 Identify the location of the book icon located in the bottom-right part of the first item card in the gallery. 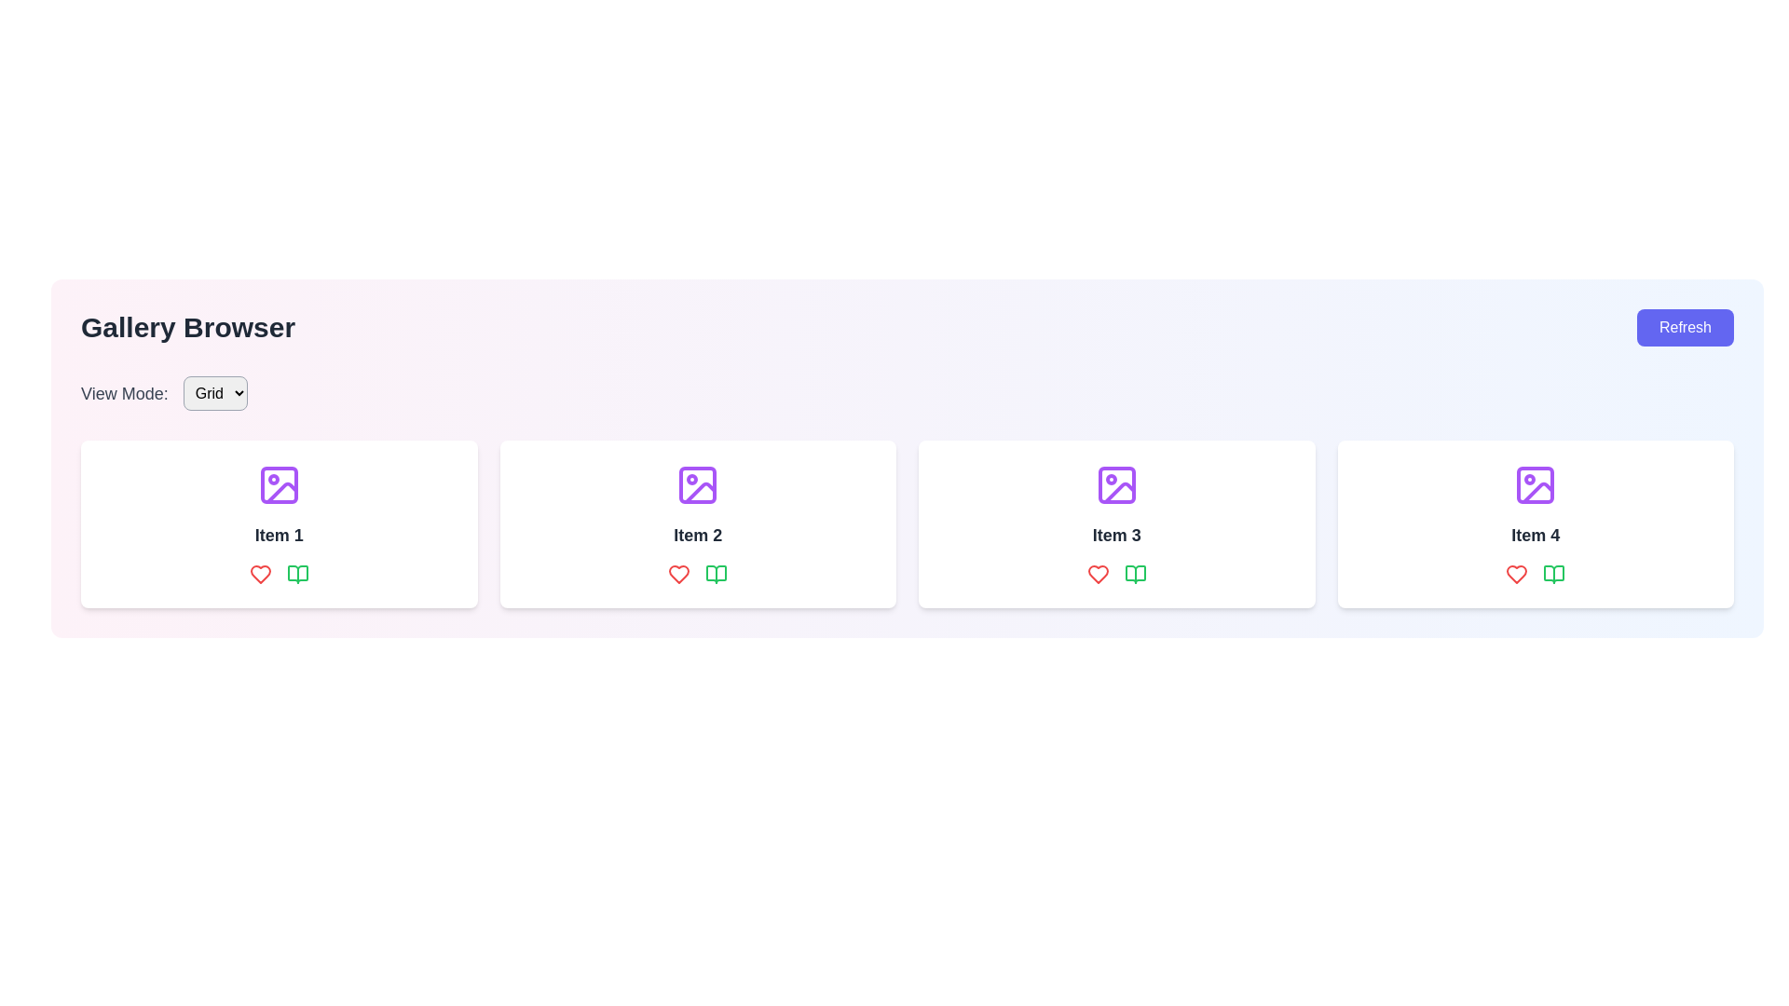
(296, 574).